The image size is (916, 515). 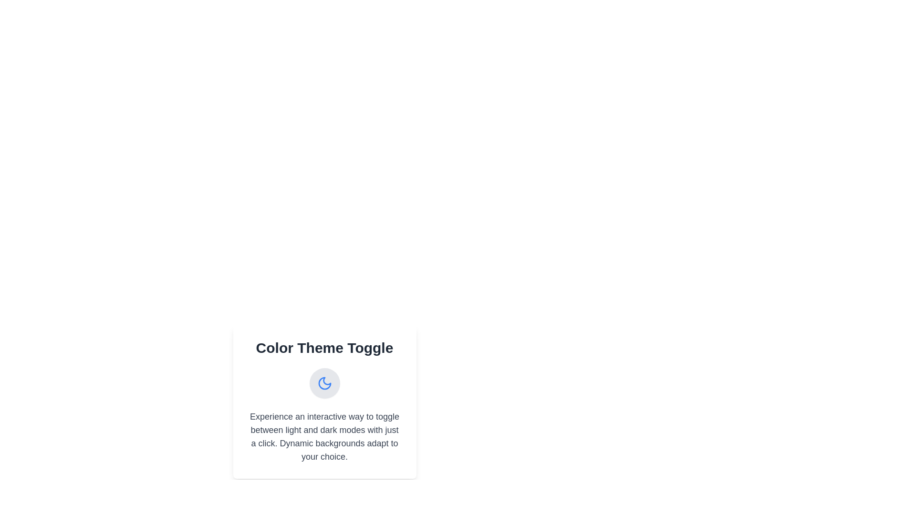 What do you see at coordinates (324, 382) in the screenshot?
I see `the circular button with a gray background and a blue crescent moon icon located in the middle section of the 'Color Theme Toggle' card` at bounding box center [324, 382].